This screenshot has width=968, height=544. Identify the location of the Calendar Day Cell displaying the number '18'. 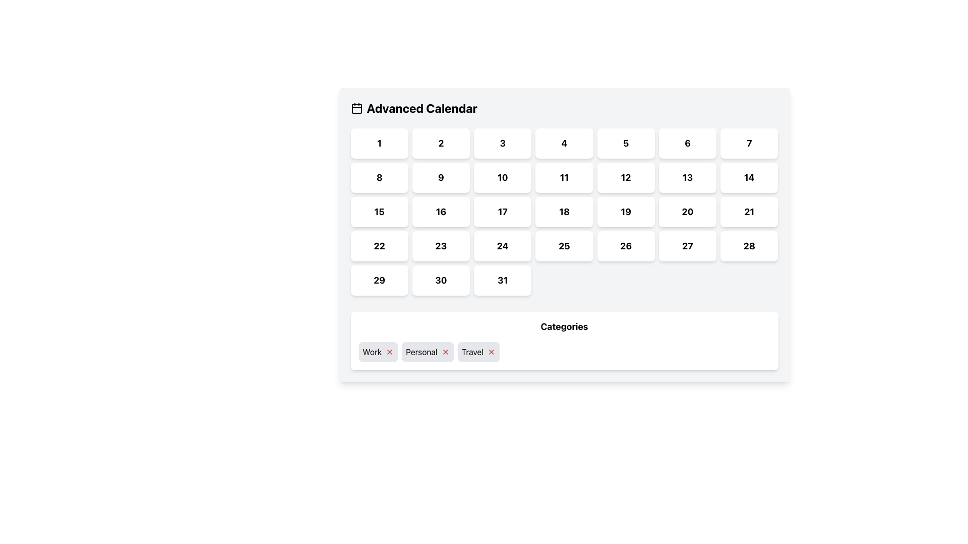
(564, 211).